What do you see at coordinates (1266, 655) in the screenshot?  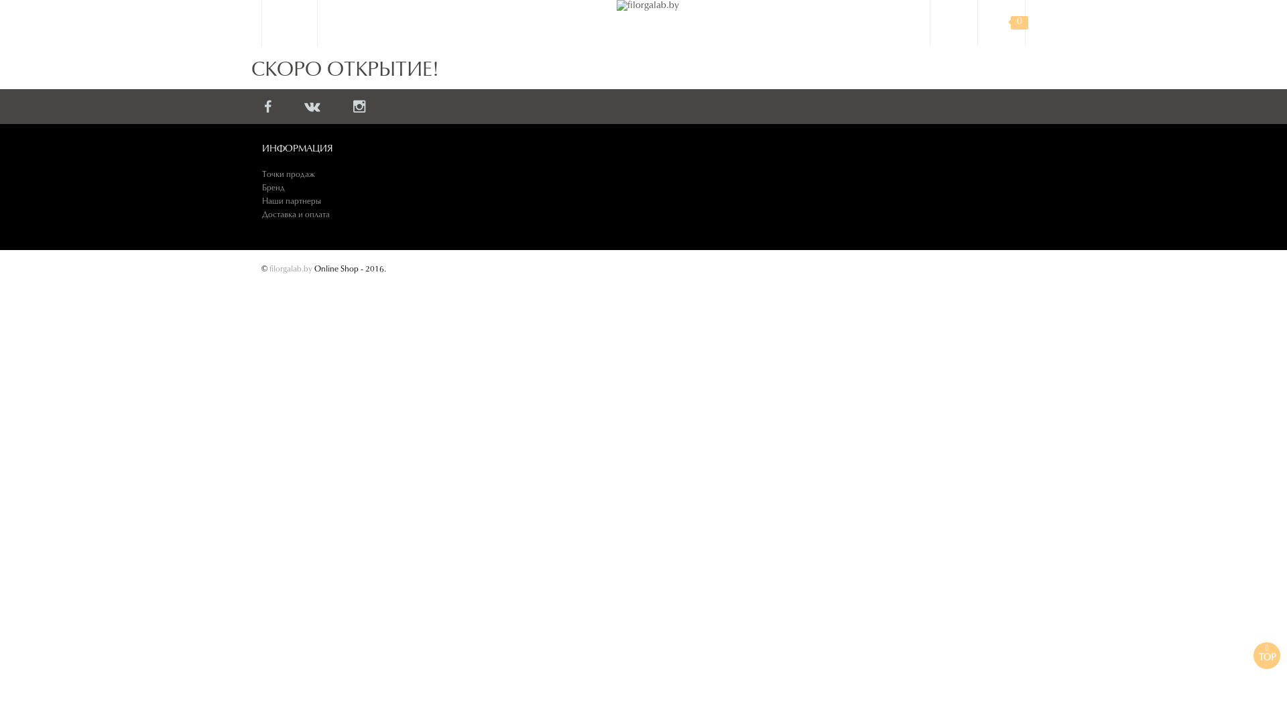 I see `'TOP'` at bounding box center [1266, 655].